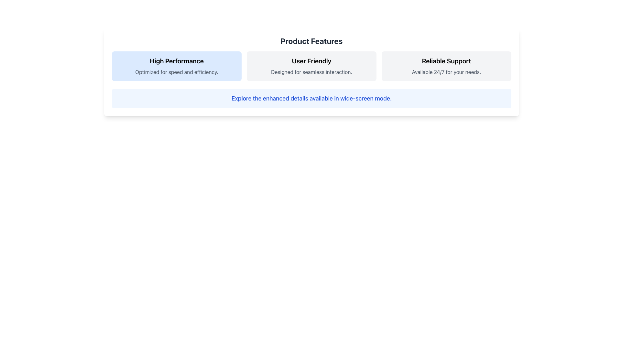 Image resolution: width=621 pixels, height=349 pixels. Describe the element at coordinates (177, 72) in the screenshot. I see `the gray text element located below the 'High Performance' header in the center-left section of the layout` at that location.